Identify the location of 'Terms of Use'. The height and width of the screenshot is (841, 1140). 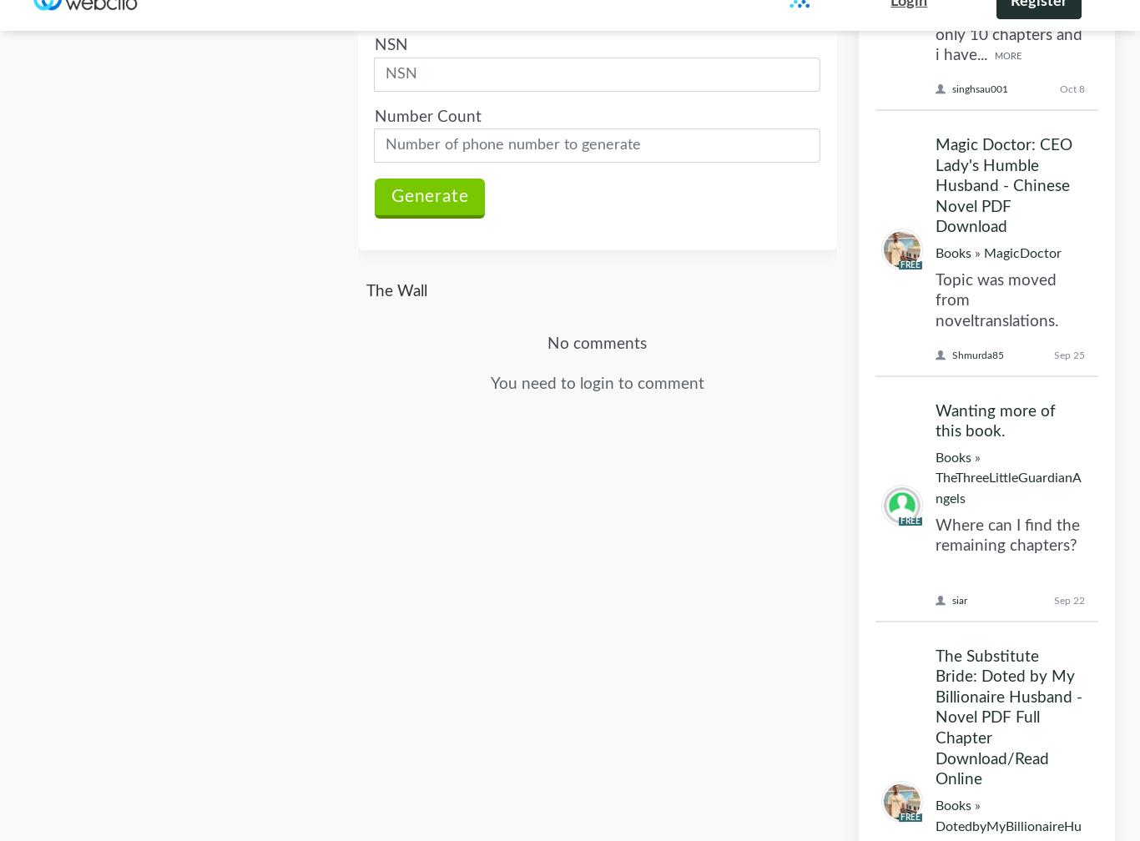
(481, 717).